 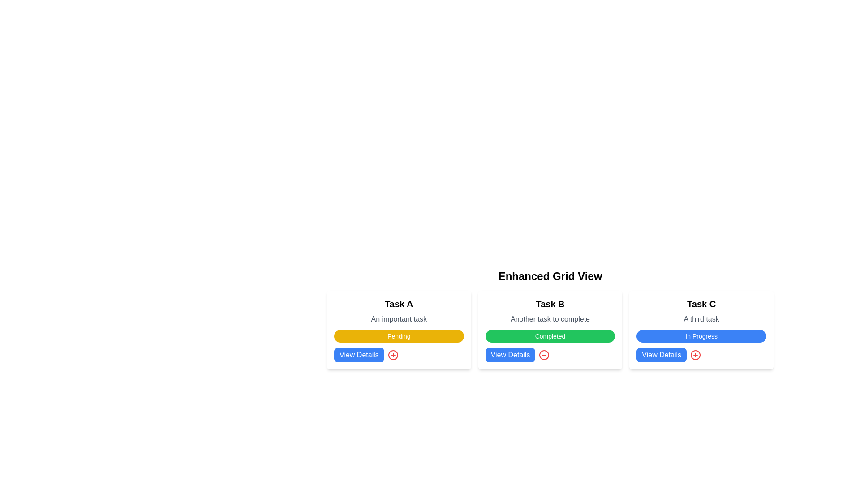 I want to click on the button, so click(x=393, y=355).